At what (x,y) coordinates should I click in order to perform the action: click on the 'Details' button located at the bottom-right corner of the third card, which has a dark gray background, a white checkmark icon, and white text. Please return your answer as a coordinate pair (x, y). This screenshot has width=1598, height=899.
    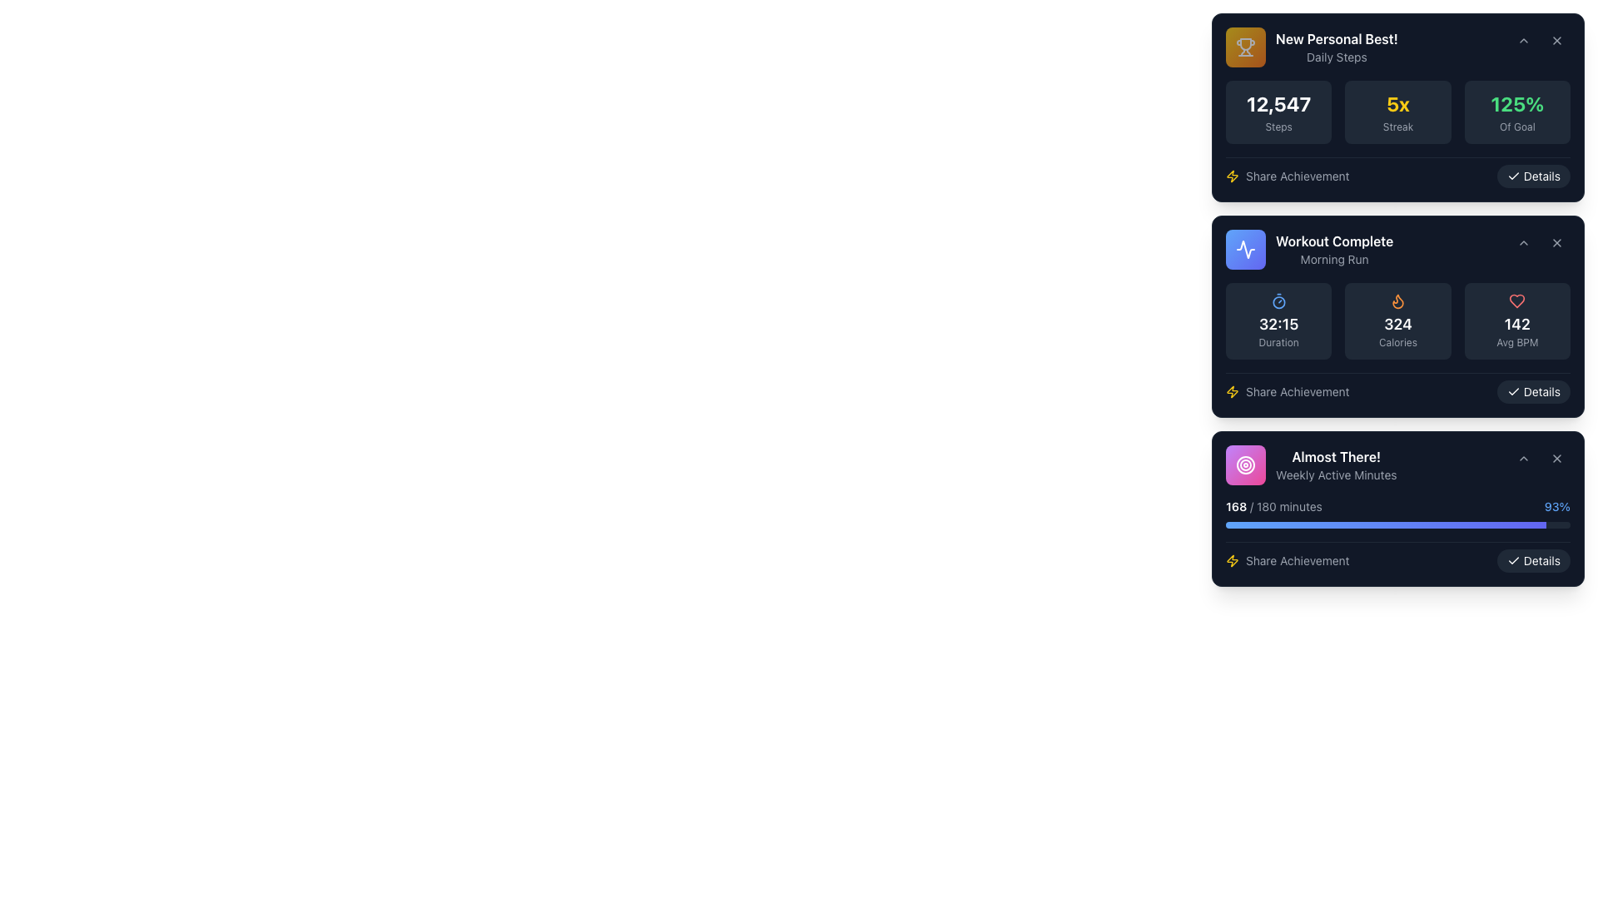
    Looking at the image, I should click on (1532, 561).